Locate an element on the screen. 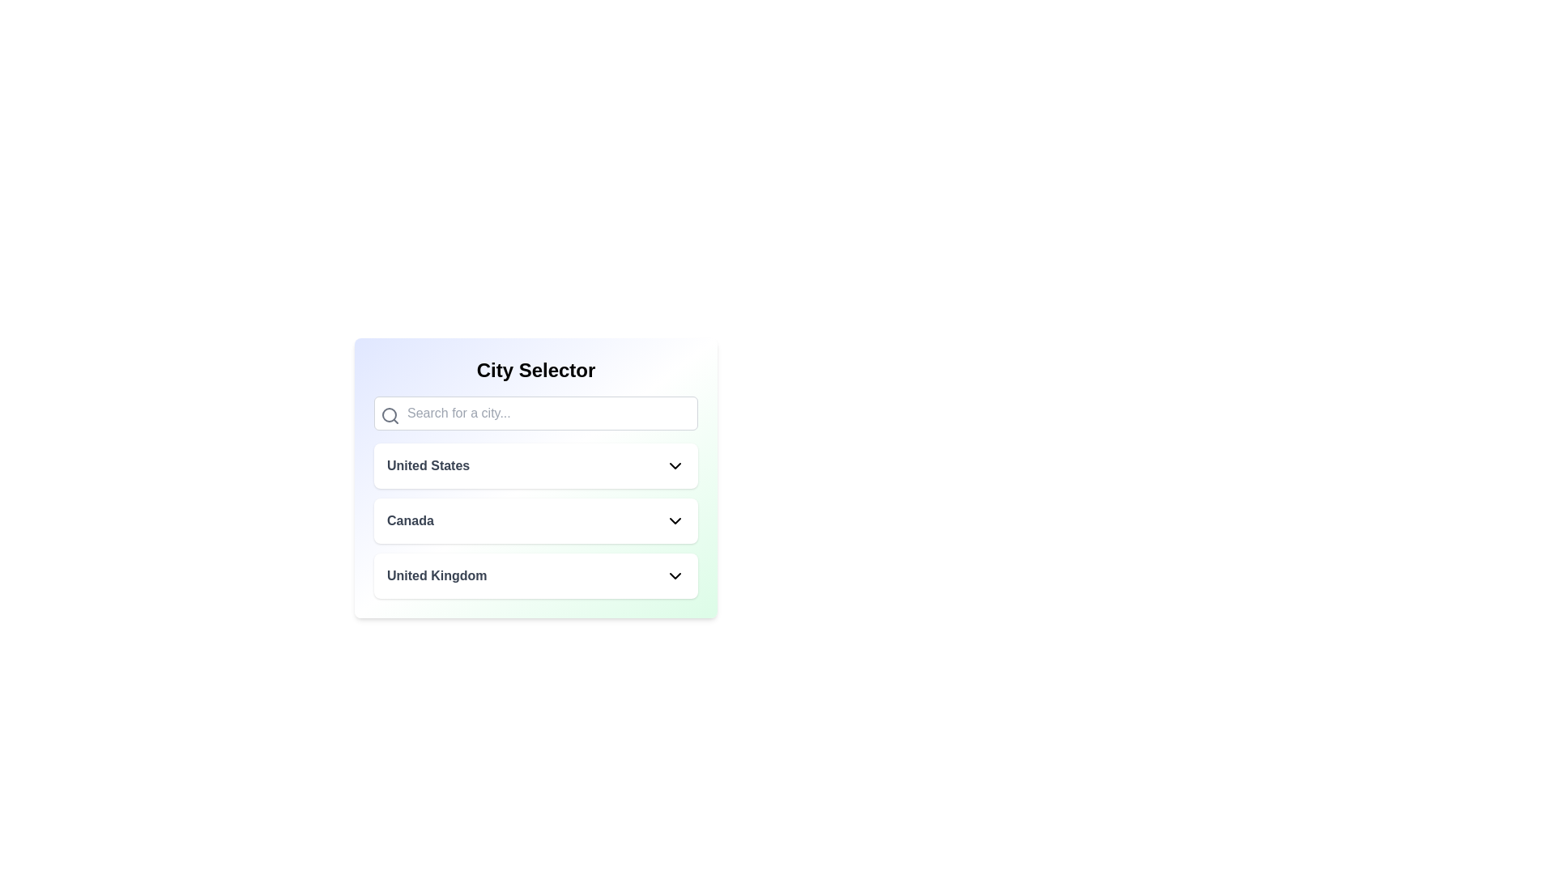 This screenshot has width=1555, height=874. the Icon button located to the far-right end of the row containing the text 'United States' is located at coordinates (675, 465).